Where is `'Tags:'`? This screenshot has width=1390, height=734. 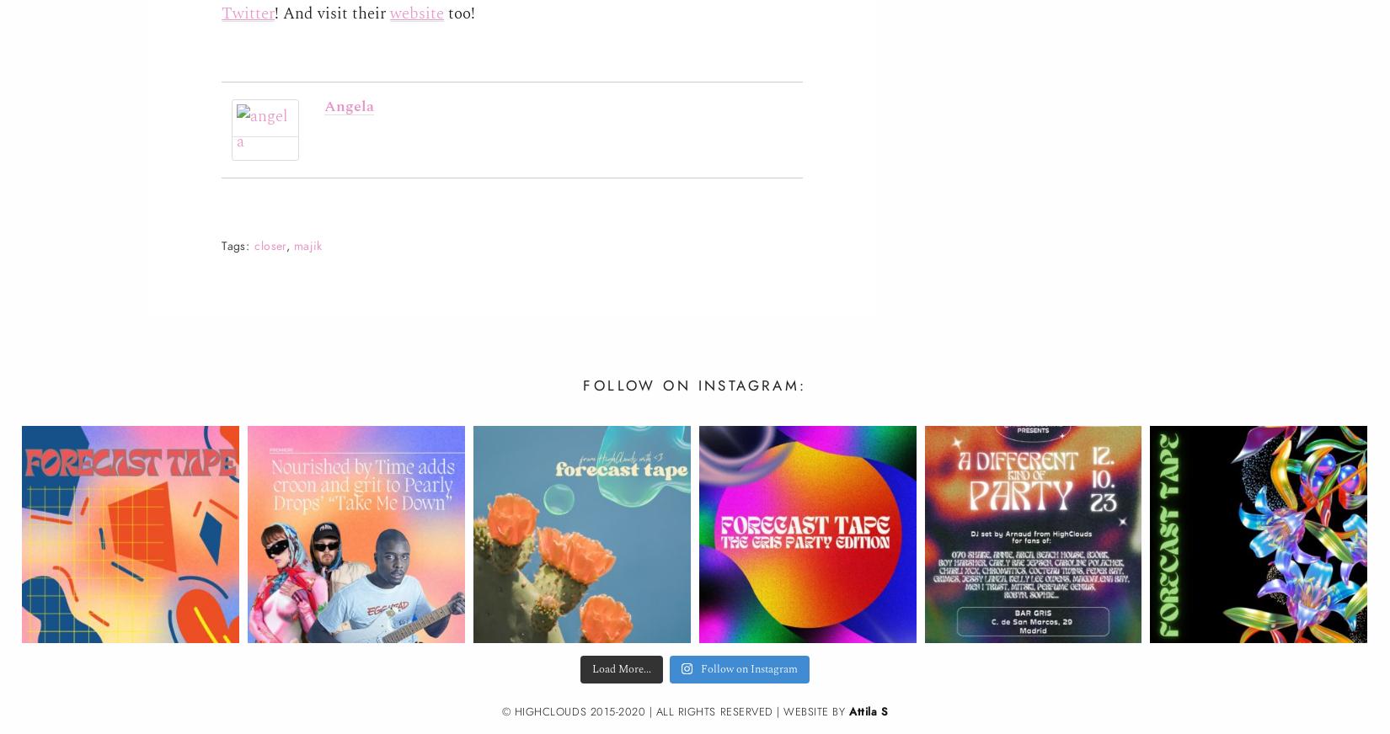
'Tags:' is located at coordinates (235, 244).